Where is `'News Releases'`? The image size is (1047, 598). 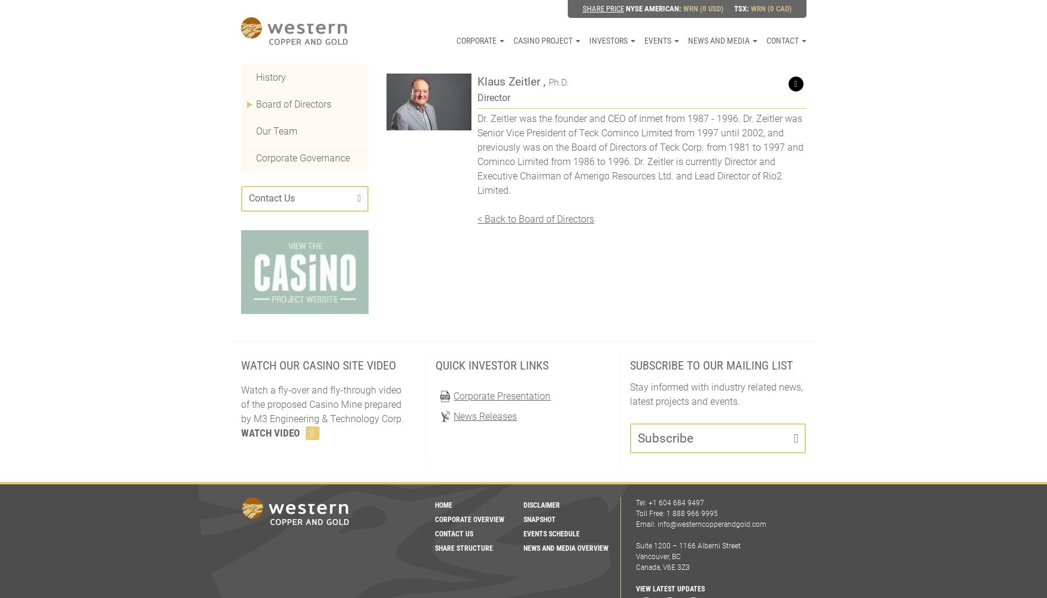 'News Releases' is located at coordinates (484, 416).